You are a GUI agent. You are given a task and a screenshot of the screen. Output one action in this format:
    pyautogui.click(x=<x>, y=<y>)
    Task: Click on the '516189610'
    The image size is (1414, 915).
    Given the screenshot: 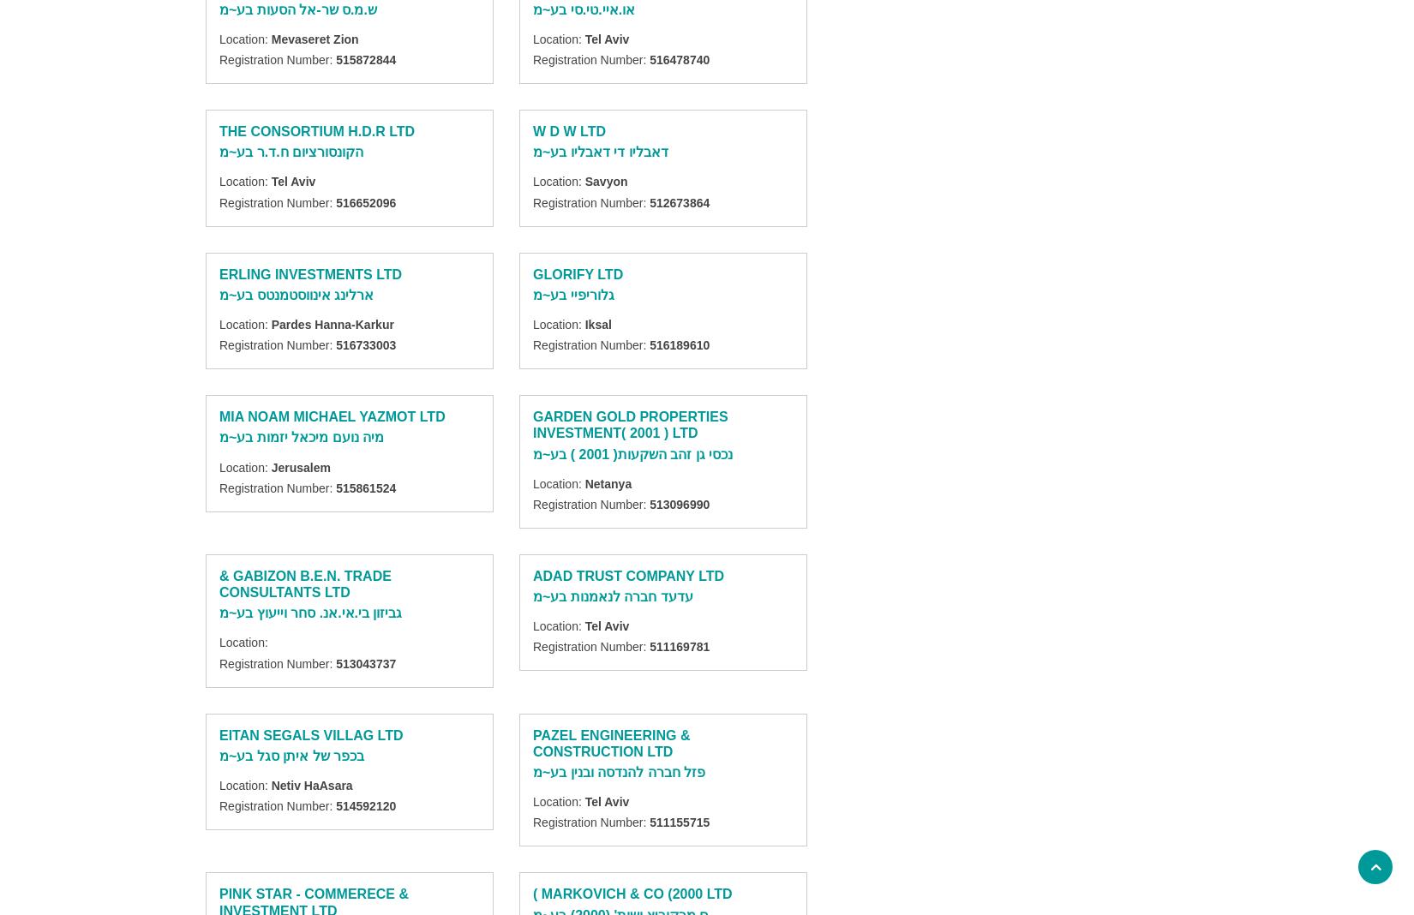 What is the action you would take?
    pyautogui.click(x=649, y=344)
    